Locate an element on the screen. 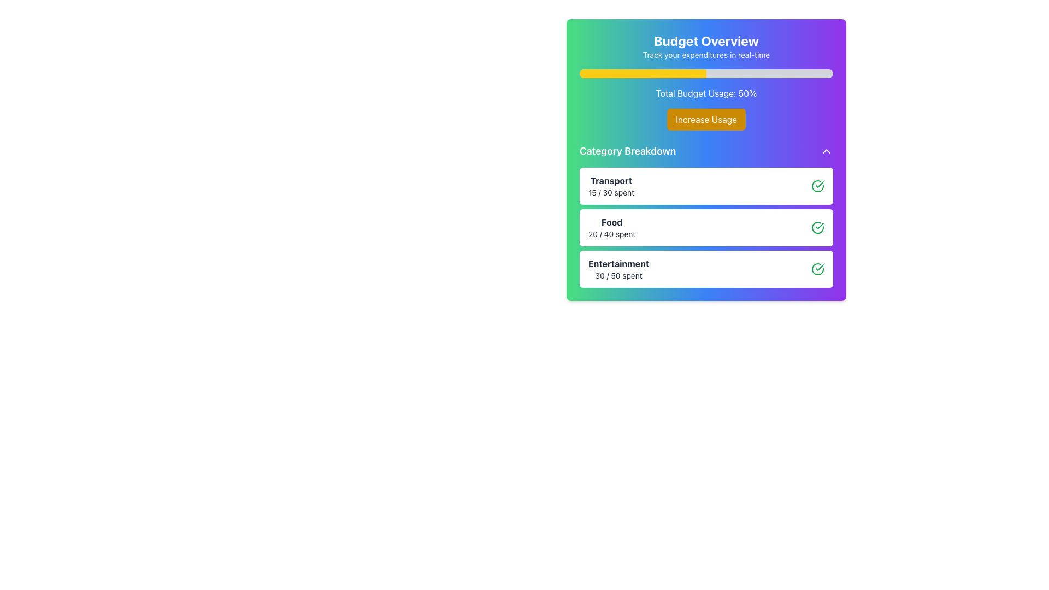  the static text label for the 'Food' expense category, which is the second item in the 'Category Breakdown' section, positioned between 'Transport' and 'Entertainment' is located at coordinates (612, 222).